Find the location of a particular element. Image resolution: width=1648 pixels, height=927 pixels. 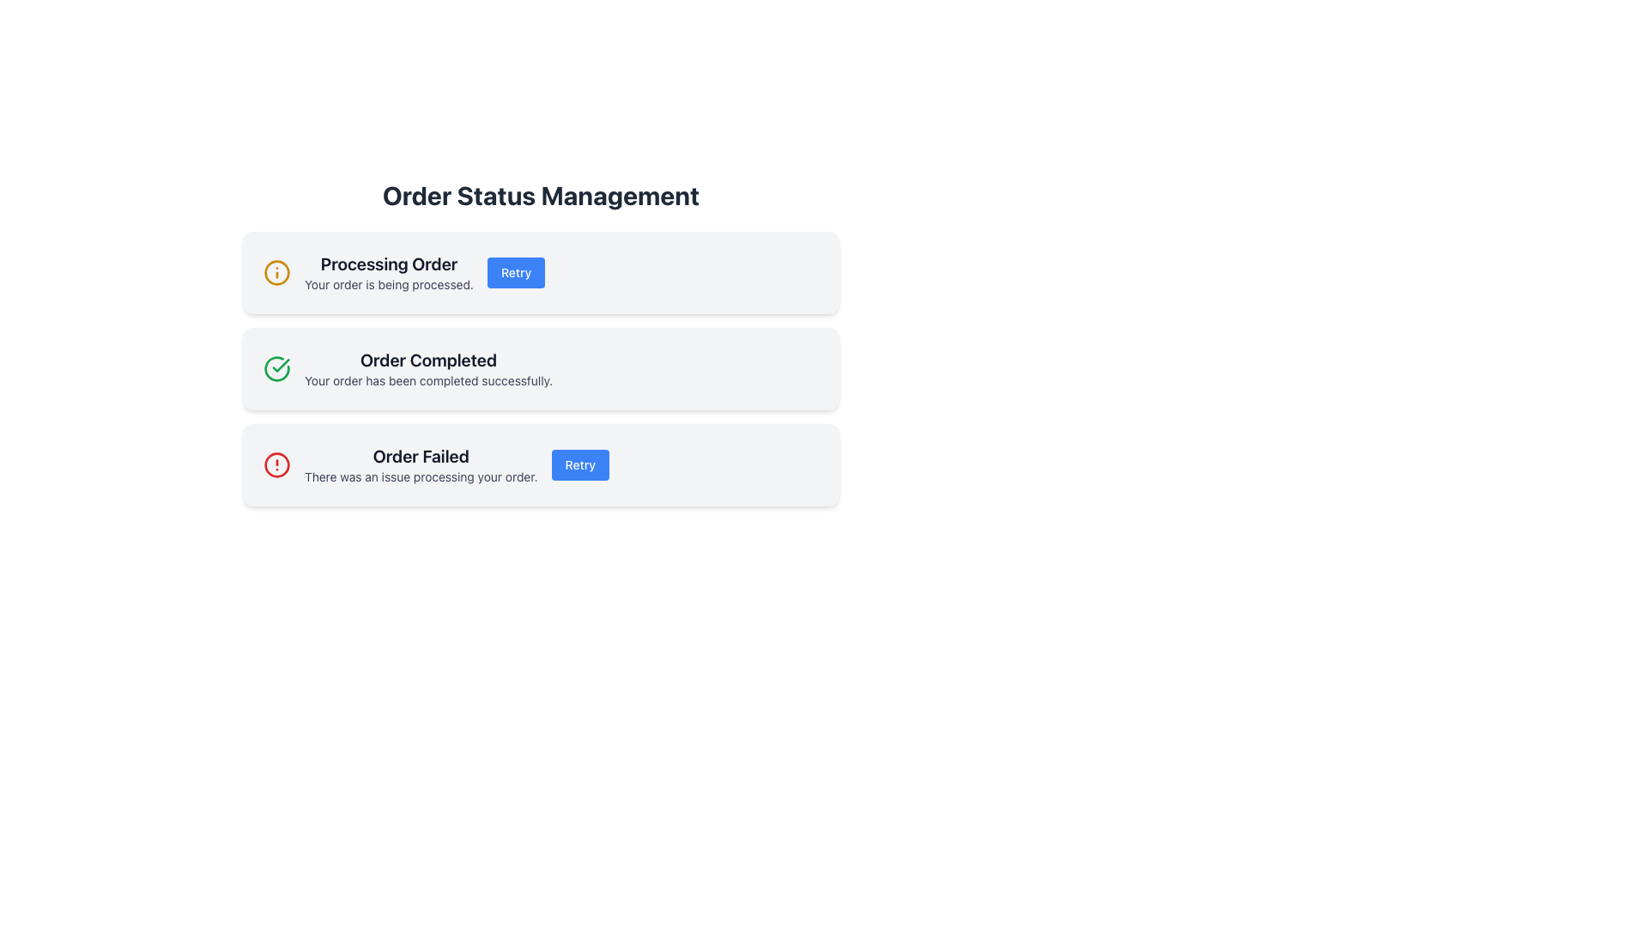

text element that states 'Your order has been completed successfully.' located beneath the title 'Order Completed' in a card layout is located at coordinates (428, 379).